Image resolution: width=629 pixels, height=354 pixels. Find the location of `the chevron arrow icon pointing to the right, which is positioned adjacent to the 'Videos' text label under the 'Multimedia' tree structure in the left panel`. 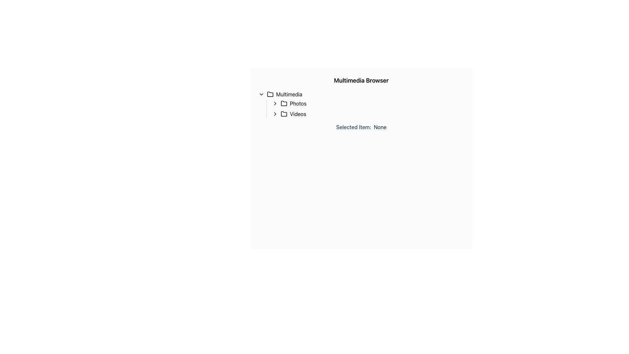

the chevron arrow icon pointing to the right, which is positioned adjacent to the 'Videos' text label under the 'Multimedia' tree structure in the left panel is located at coordinates (275, 113).